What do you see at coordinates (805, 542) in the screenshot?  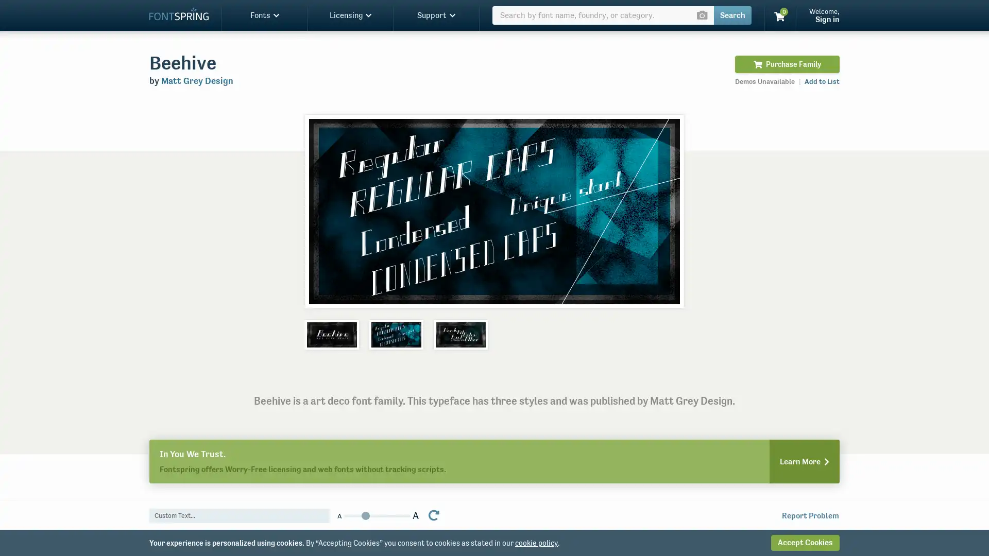 I see `Accept Cookies` at bounding box center [805, 542].